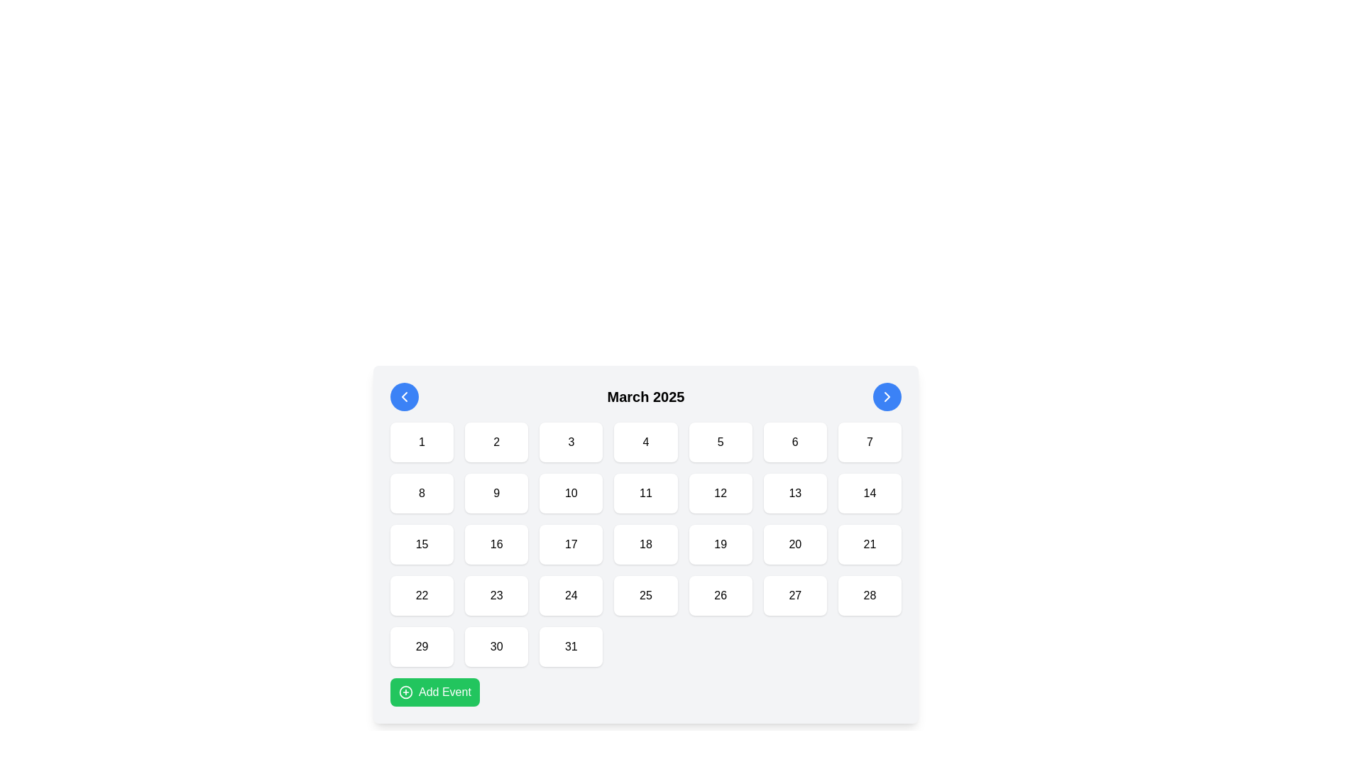 This screenshot has height=767, width=1363. Describe the element at coordinates (720, 596) in the screenshot. I see `the date '26' button in the calendar view` at that location.